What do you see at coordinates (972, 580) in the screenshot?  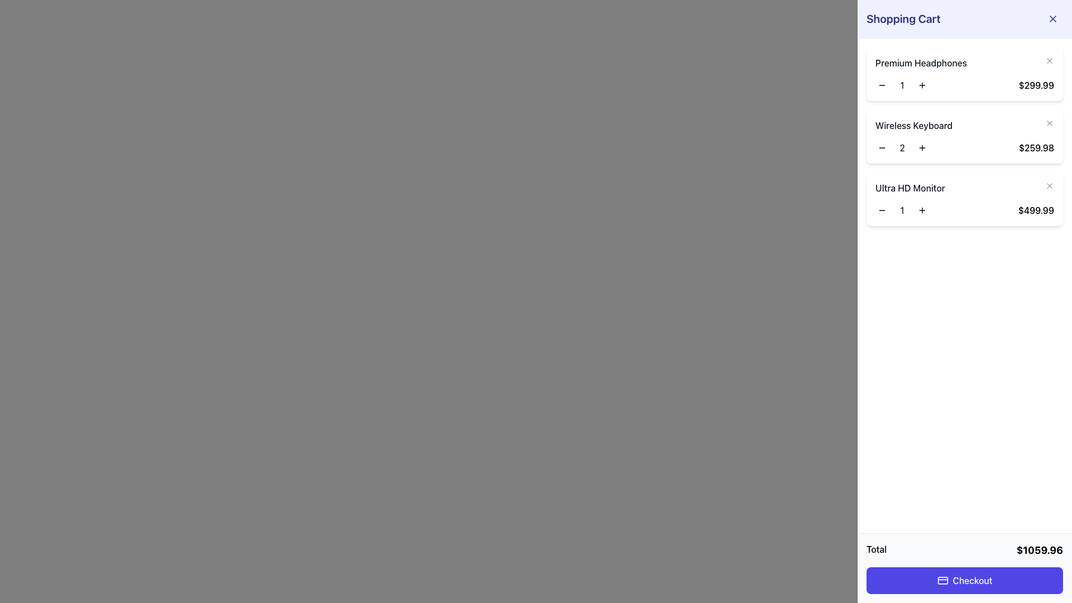 I see `static text 'Checkout' displayed within the interactive button located at the bottom right section of the shopping cart interface` at bounding box center [972, 580].